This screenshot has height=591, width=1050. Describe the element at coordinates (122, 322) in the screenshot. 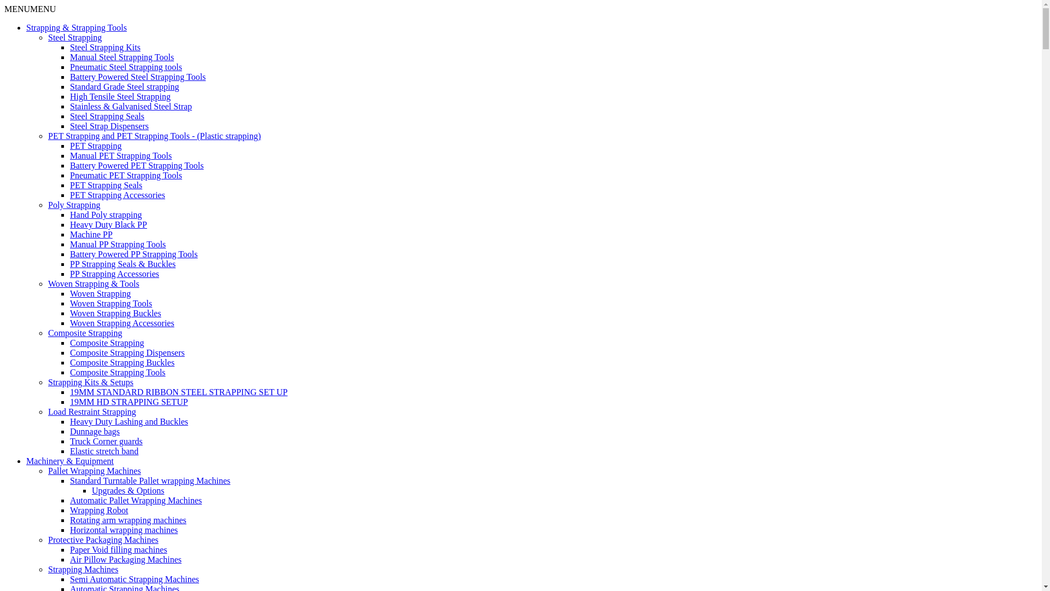

I see `'Woven Strapping Accessories'` at that location.